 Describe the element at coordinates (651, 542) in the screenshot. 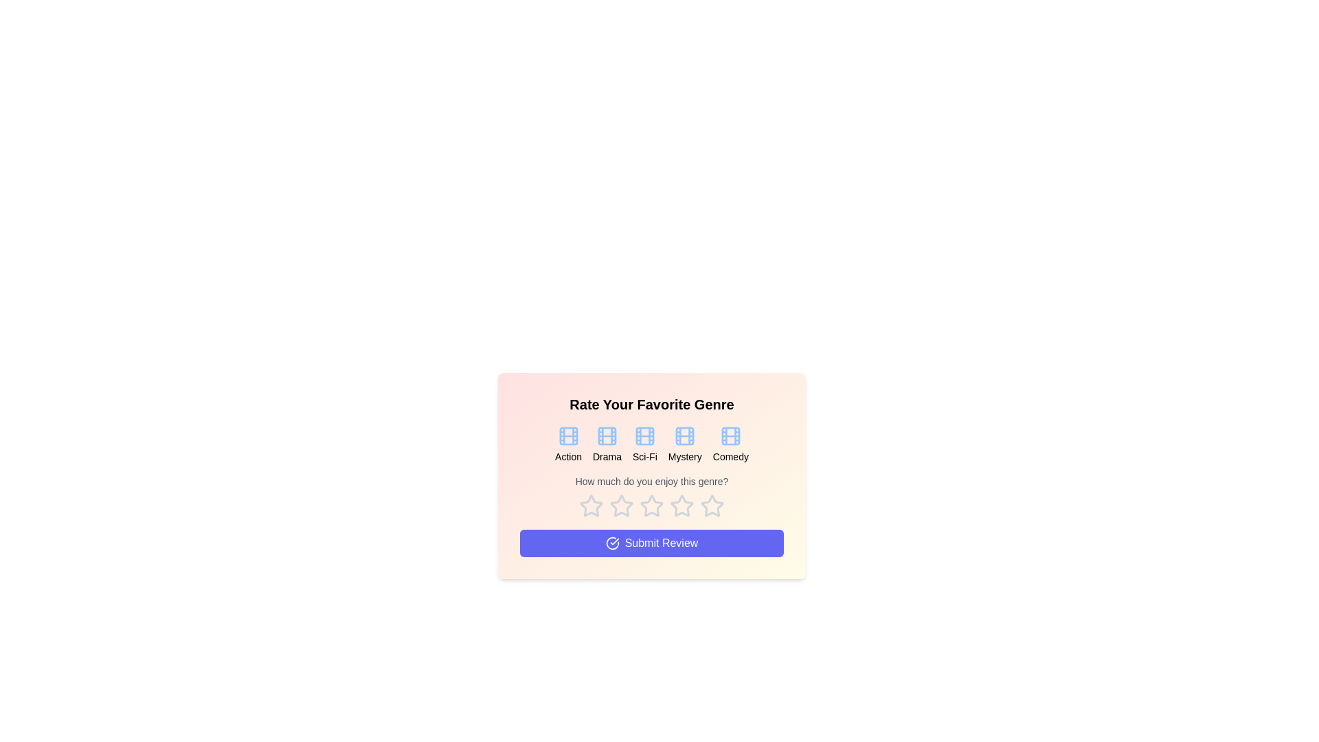

I see `the 'Submit Review' button to submit the selected rating` at that location.